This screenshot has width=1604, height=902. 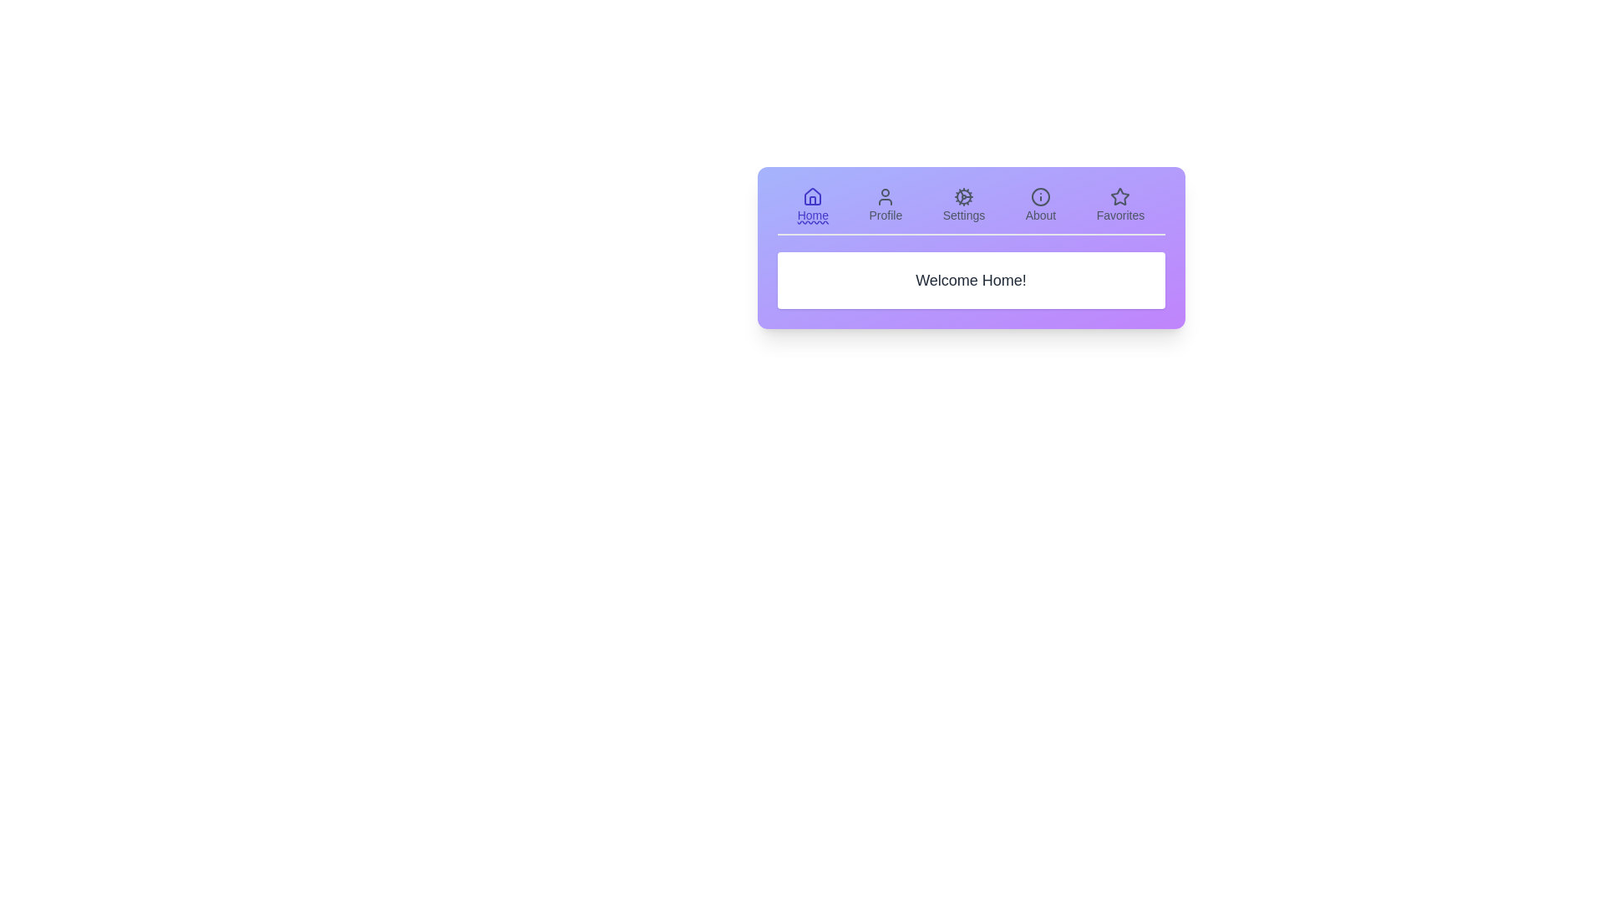 What do you see at coordinates (963, 205) in the screenshot?
I see `the tab labeled Settings to switch to it` at bounding box center [963, 205].